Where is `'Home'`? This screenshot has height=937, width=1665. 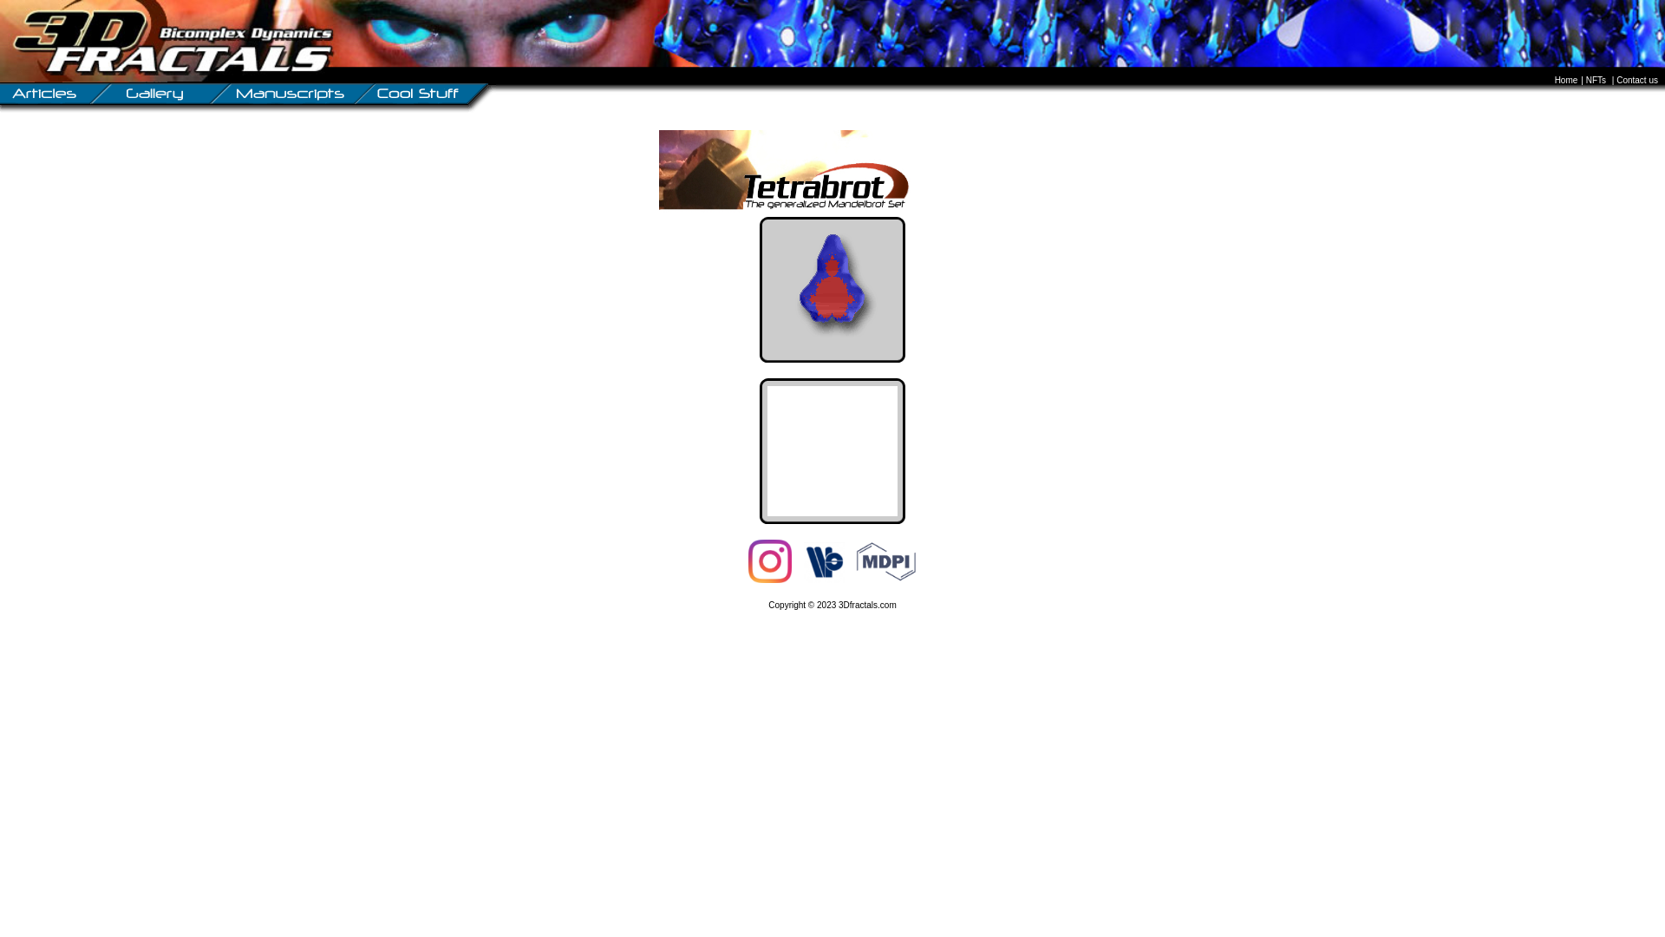 'Home' is located at coordinates (1568, 80).